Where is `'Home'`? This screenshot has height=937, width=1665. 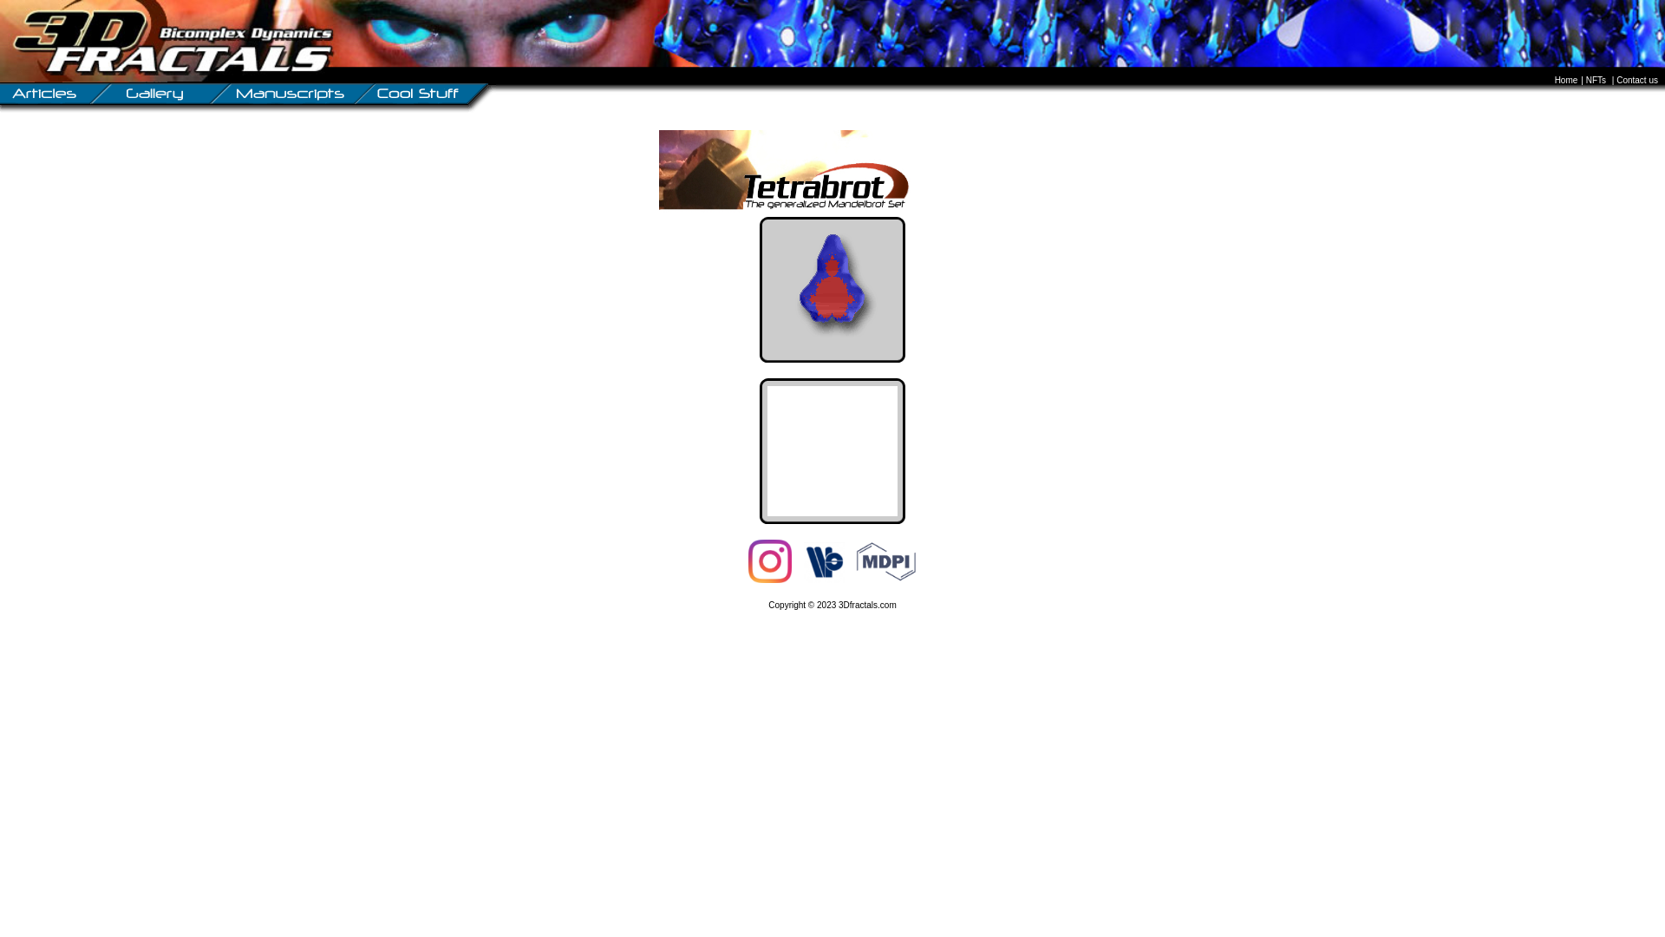 'Home' is located at coordinates (1568, 80).